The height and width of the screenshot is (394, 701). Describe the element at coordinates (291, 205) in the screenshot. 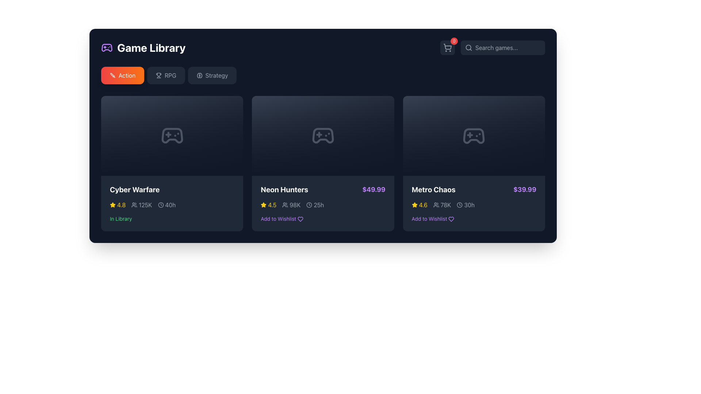

I see `the text '98K' with a user icon` at that location.